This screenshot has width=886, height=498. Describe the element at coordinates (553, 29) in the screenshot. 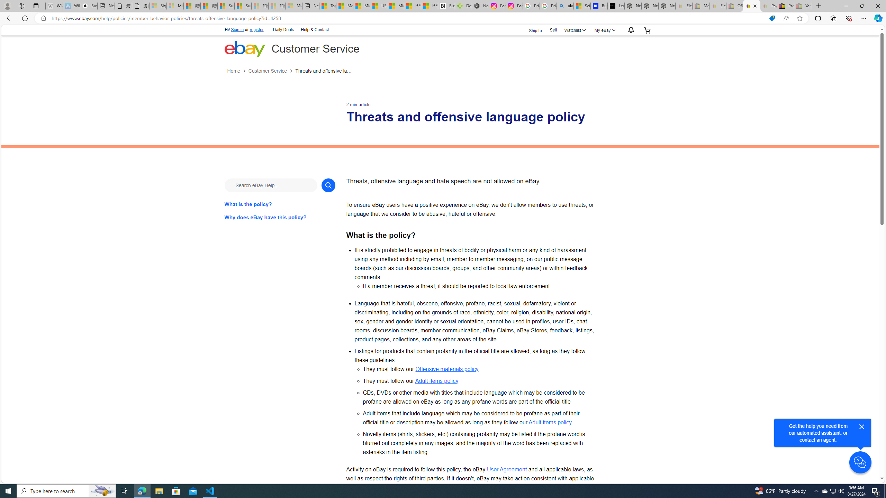

I see `'Sell'` at that location.